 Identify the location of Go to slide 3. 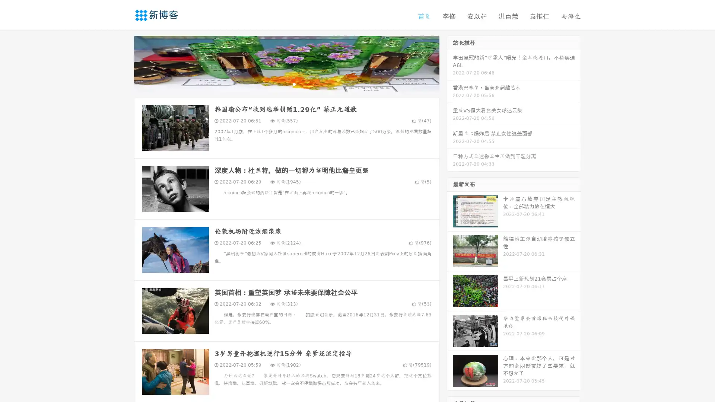
(294, 84).